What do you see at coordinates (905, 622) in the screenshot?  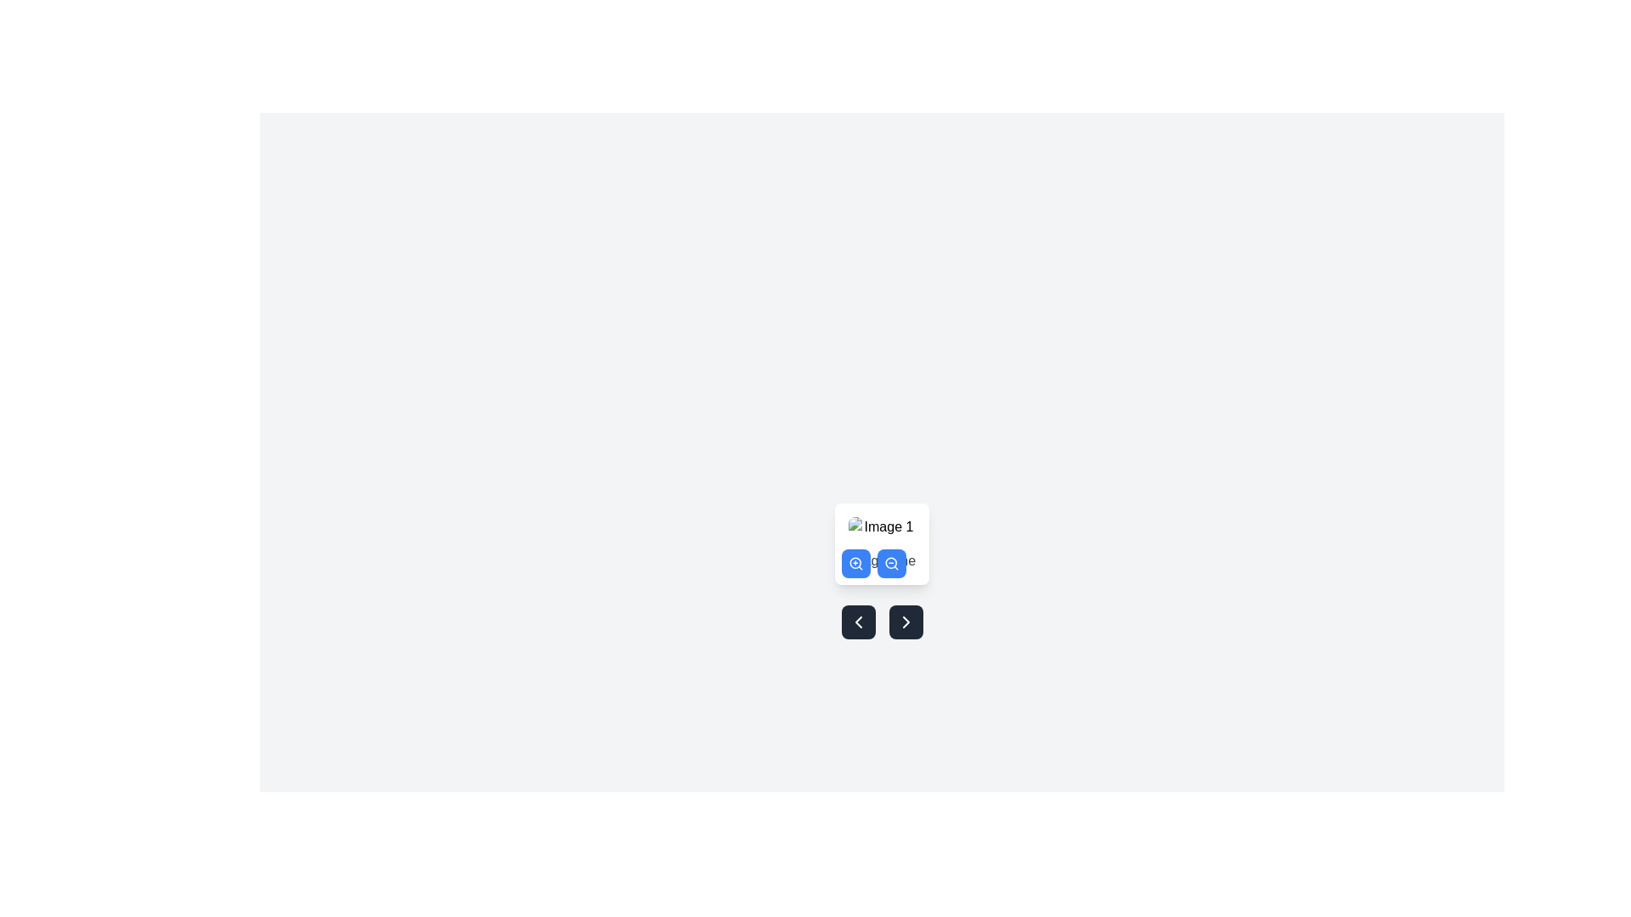 I see `the right-arrow icon located within the button` at bounding box center [905, 622].